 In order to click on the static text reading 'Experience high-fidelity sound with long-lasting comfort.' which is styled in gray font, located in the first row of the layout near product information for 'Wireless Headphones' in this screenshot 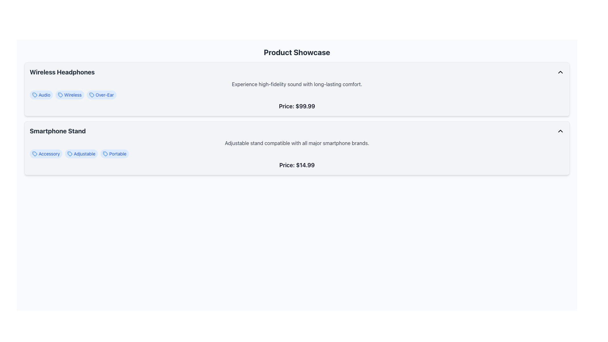, I will do `click(296, 84)`.